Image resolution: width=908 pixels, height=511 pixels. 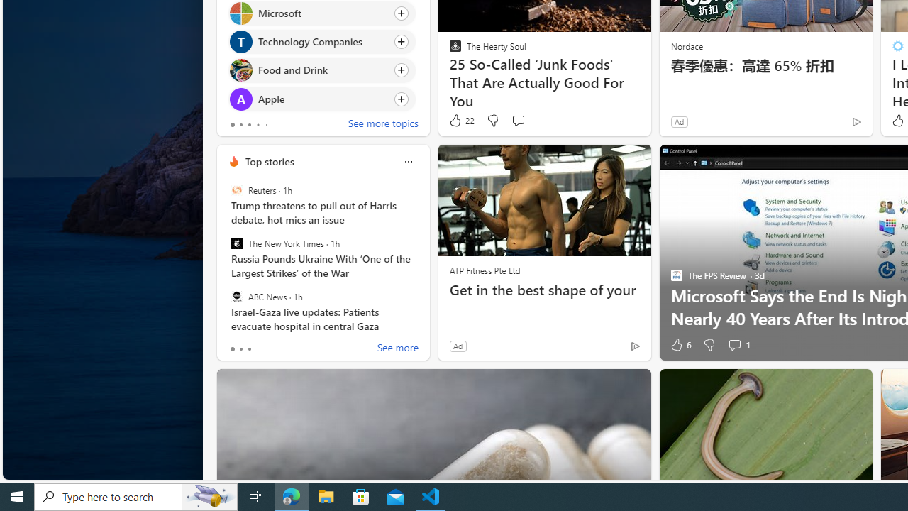 I want to click on 'tab-1', so click(x=240, y=349).